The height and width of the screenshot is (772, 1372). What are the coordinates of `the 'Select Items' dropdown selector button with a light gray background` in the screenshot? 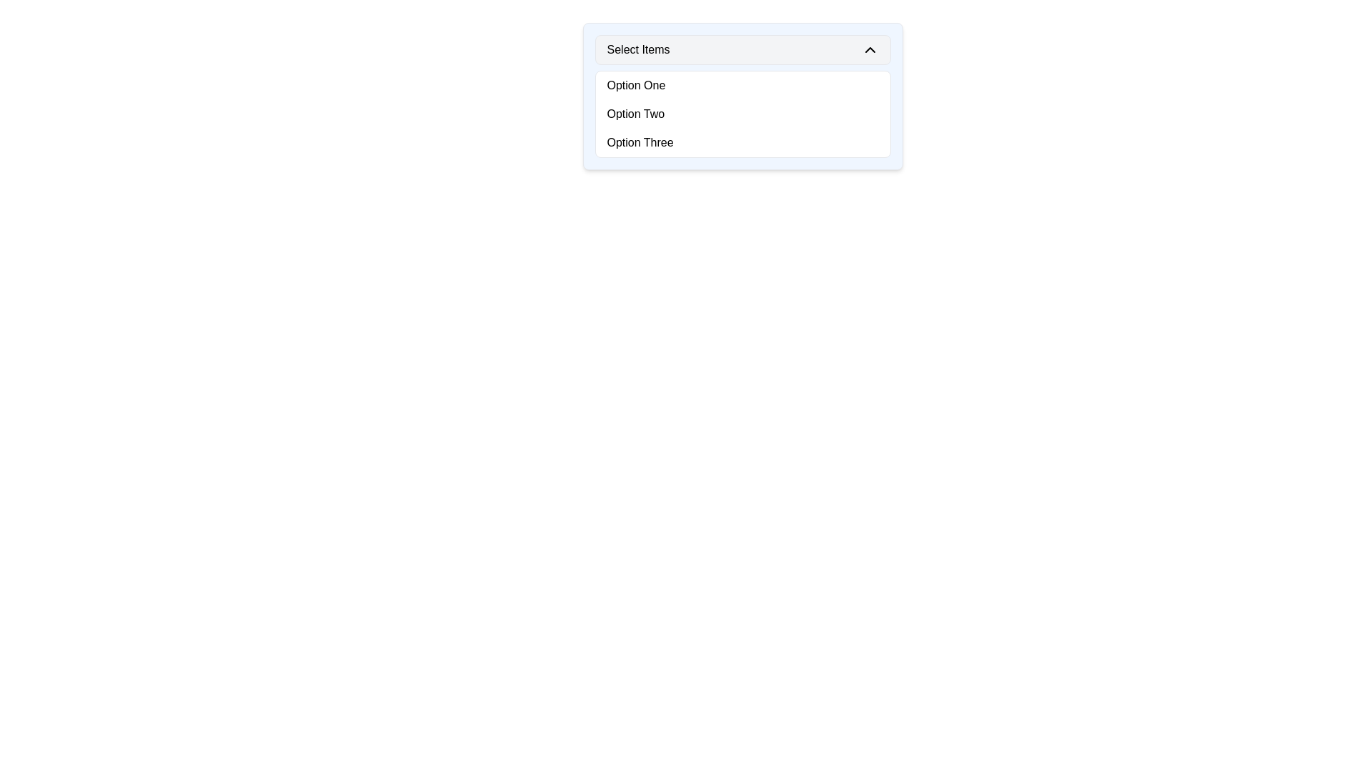 It's located at (742, 49).